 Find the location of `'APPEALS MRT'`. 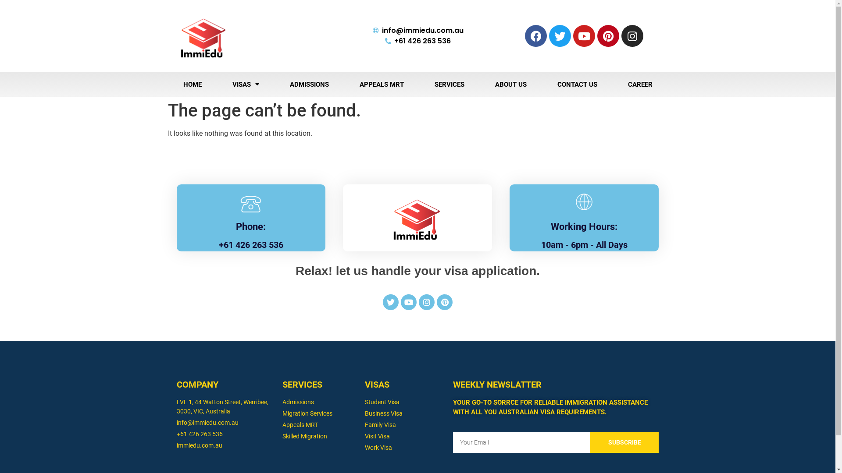

'APPEALS MRT' is located at coordinates (381, 84).